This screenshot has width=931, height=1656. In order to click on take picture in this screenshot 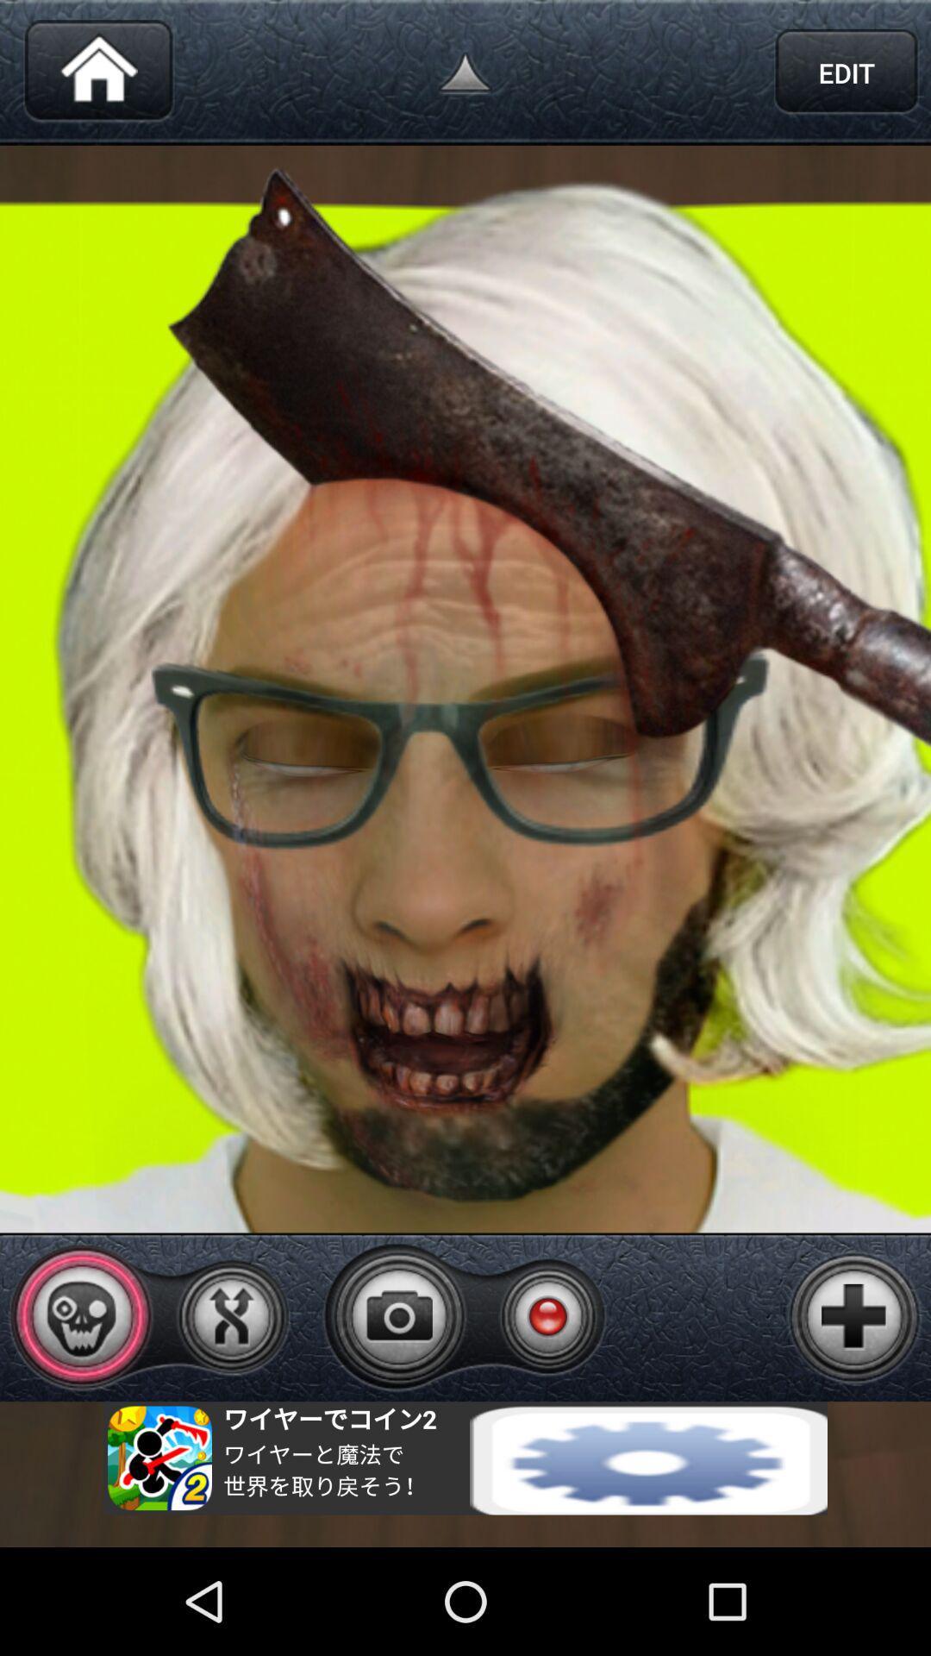, I will do `click(399, 1315)`.